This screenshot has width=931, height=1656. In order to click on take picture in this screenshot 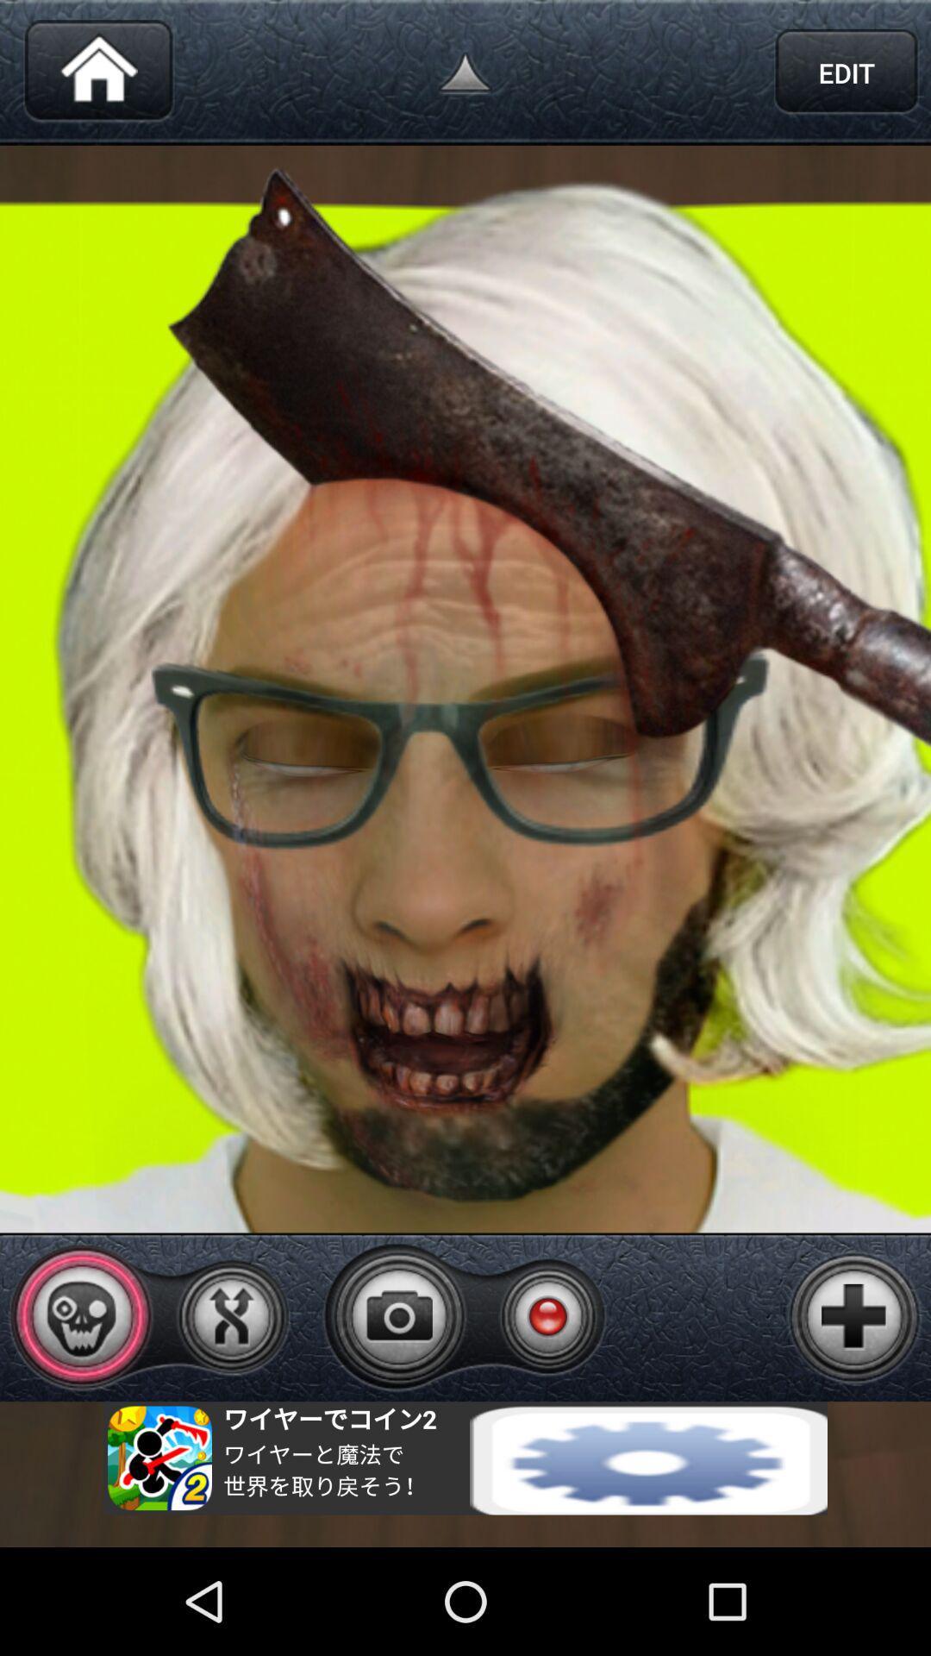, I will do `click(399, 1315)`.